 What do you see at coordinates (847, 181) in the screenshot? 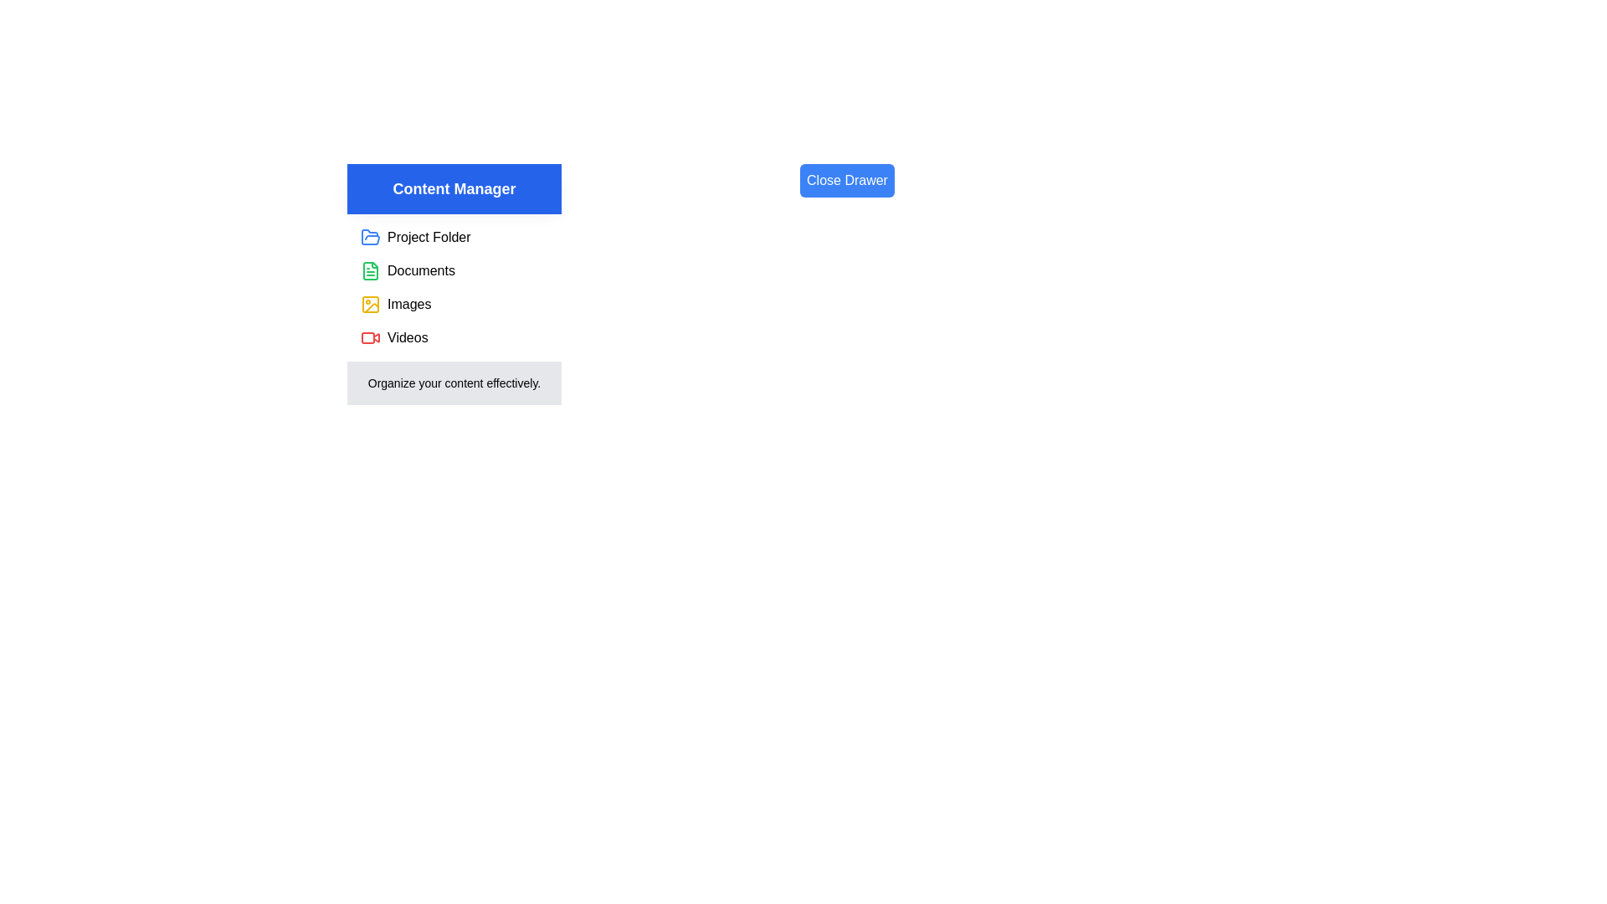
I see `'Close Drawer' button to toggle the drawer's state` at bounding box center [847, 181].